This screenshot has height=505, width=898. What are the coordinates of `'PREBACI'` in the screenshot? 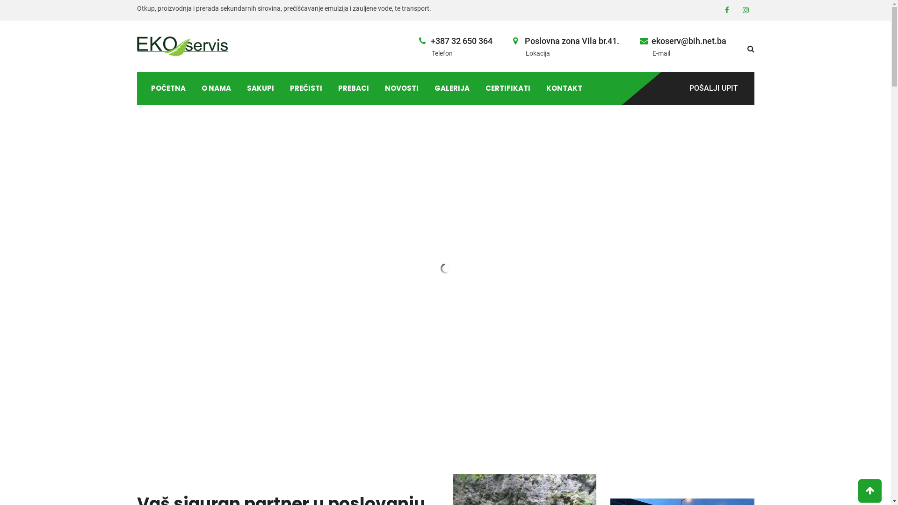 It's located at (353, 88).